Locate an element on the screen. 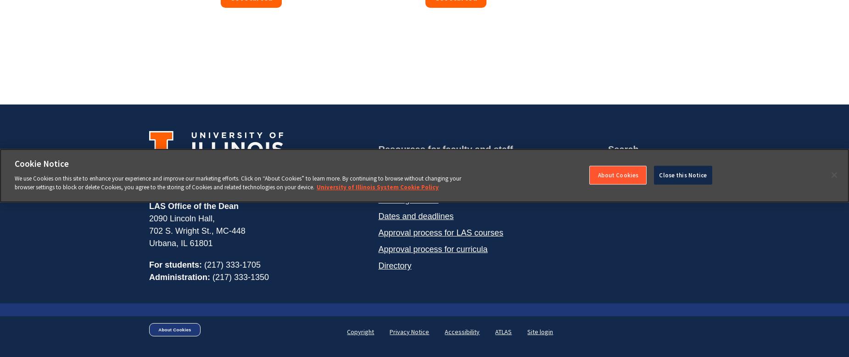 Image resolution: width=849 pixels, height=357 pixels. 'Copyright' is located at coordinates (360, 331).